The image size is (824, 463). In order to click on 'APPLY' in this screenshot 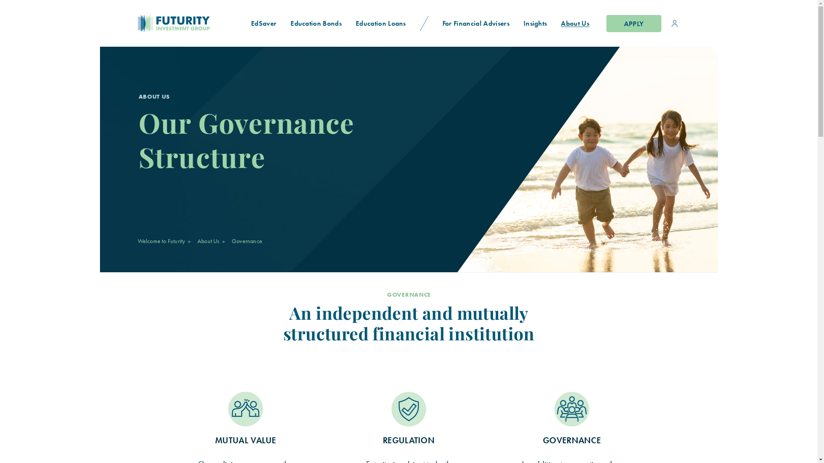, I will do `click(633, 23)`.